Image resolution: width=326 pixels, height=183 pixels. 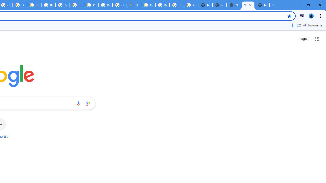 I want to click on 'Control your music, videos, and more', so click(x=302, y=16).